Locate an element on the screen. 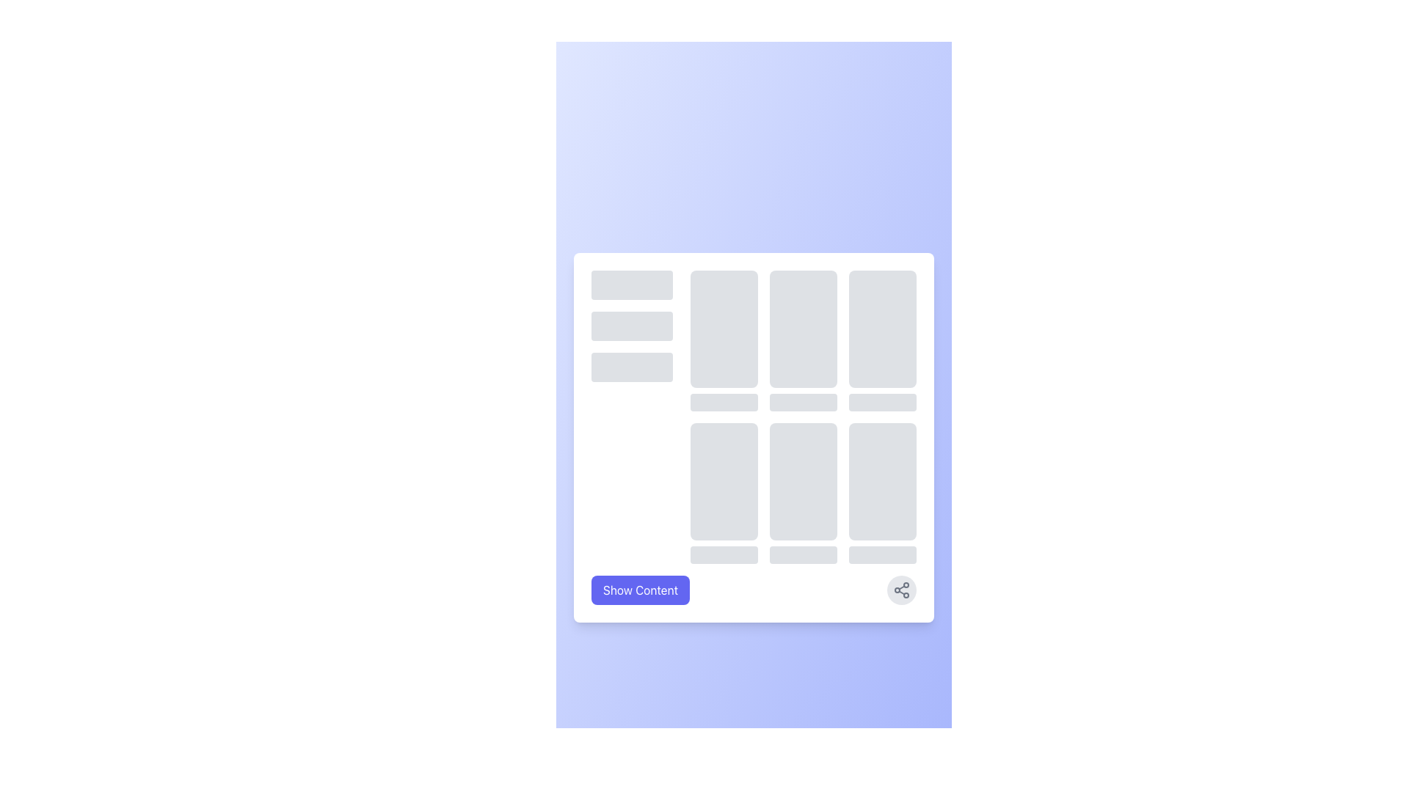 The width and height of the screenshot is (1409, 792). the share icon composed of three connected nodes, rendered in gray on a light gray circular background, located in the bottom right corner of the interface is located at coordinates (900, 590).